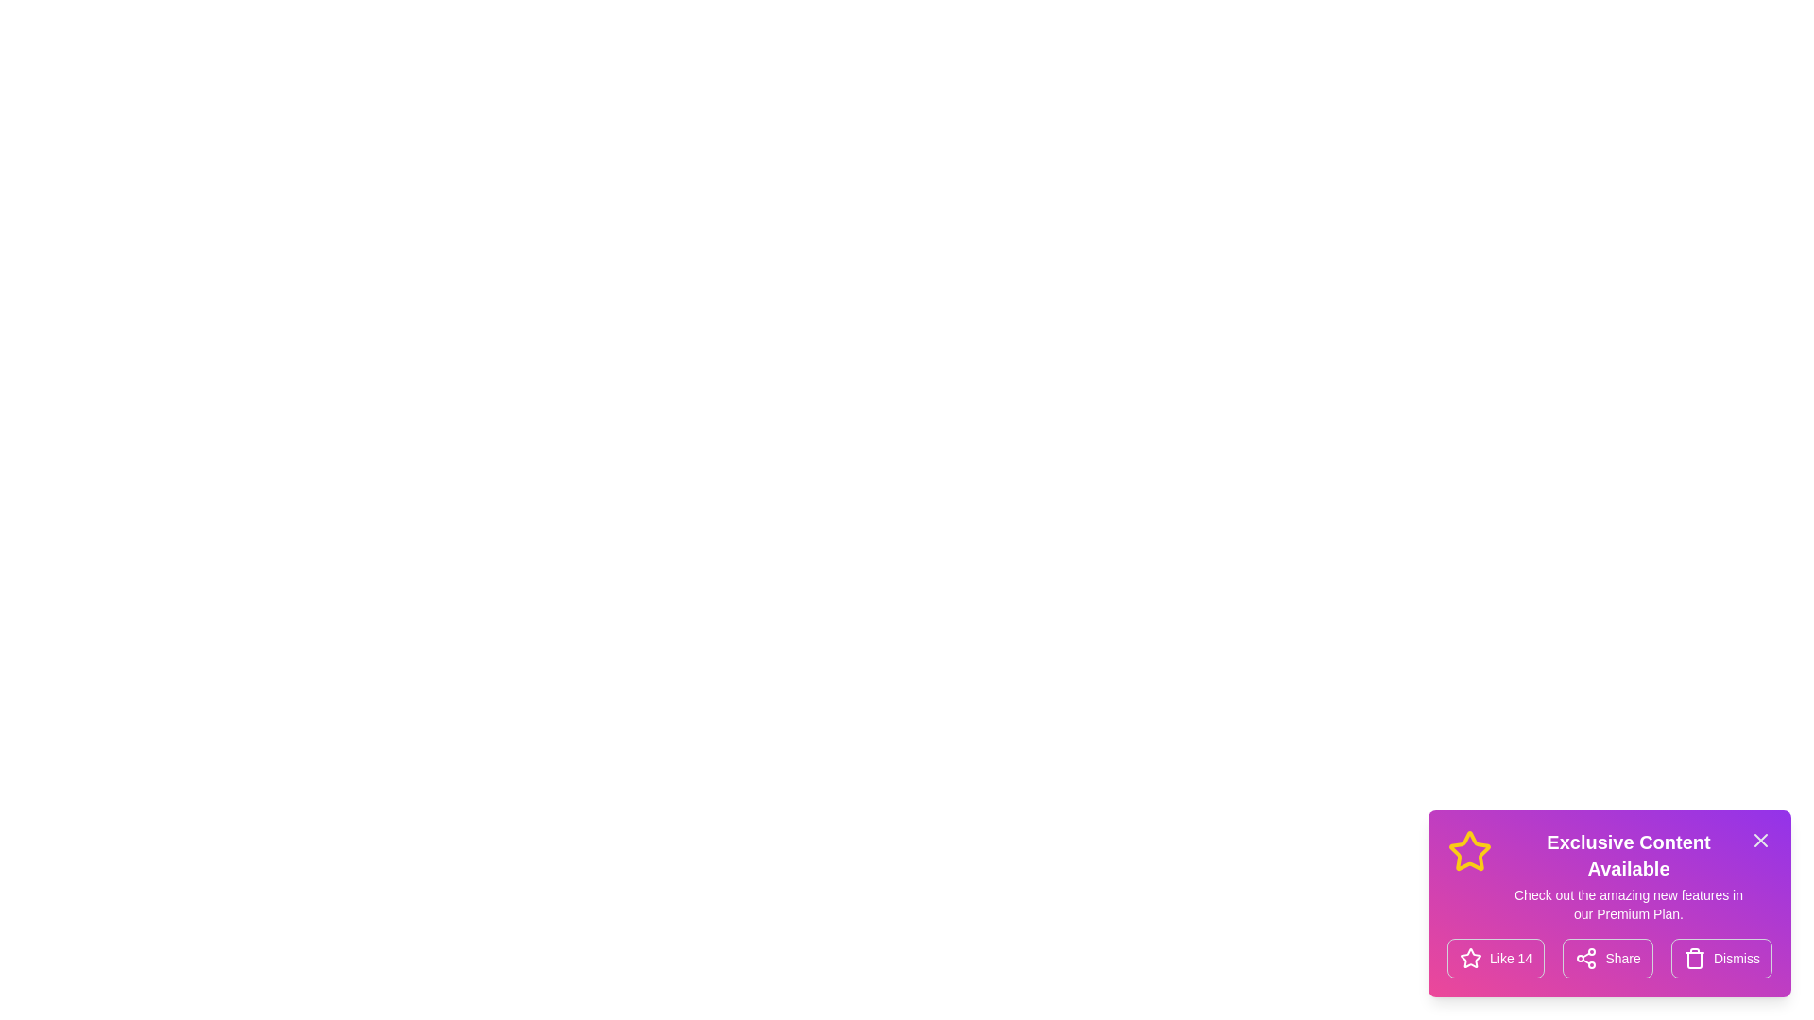 This screenshot has width=1814, height=1020. What do you see at coordinates (1607, 958) in the screenshot?
I see `the 'Share' button to share the content` at bounding box center [1607, 958].